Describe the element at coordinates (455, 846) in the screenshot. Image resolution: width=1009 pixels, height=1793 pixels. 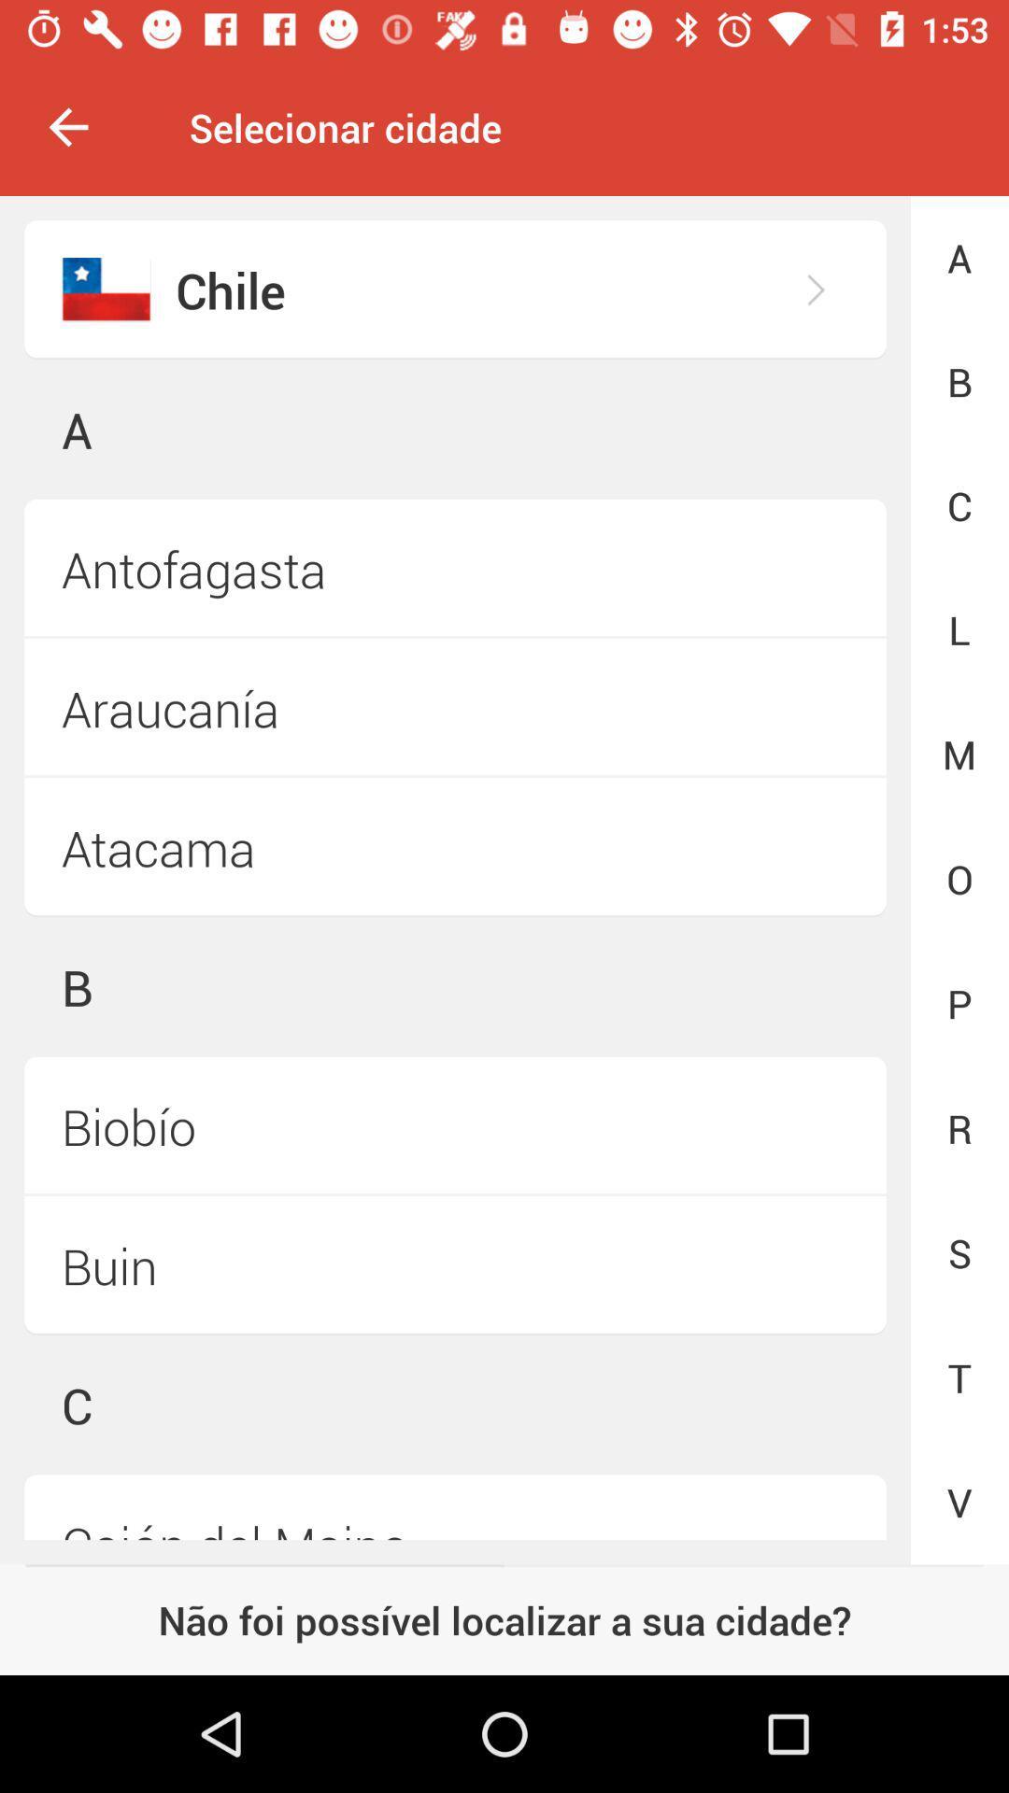
I see `the icon next to the m icon` at that location.